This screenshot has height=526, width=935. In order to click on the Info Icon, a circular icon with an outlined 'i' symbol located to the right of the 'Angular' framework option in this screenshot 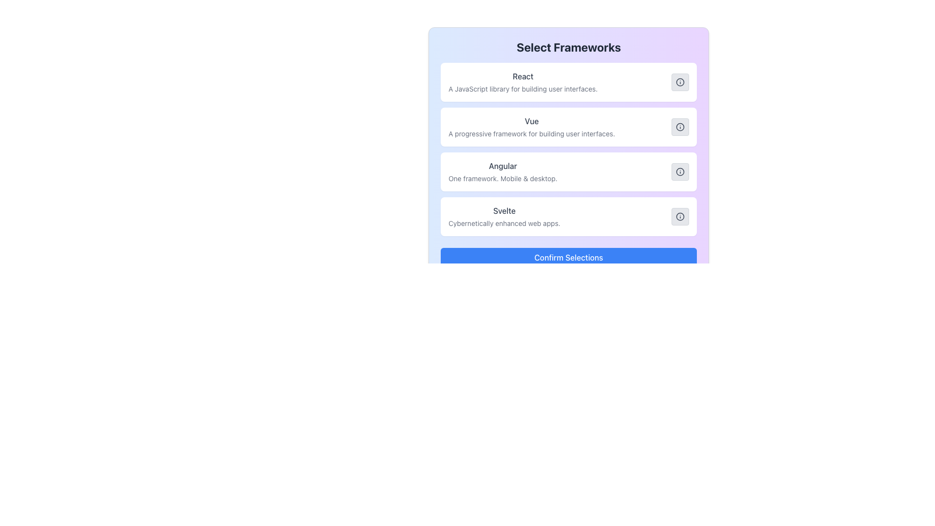, I will do `click(679, 171)`.